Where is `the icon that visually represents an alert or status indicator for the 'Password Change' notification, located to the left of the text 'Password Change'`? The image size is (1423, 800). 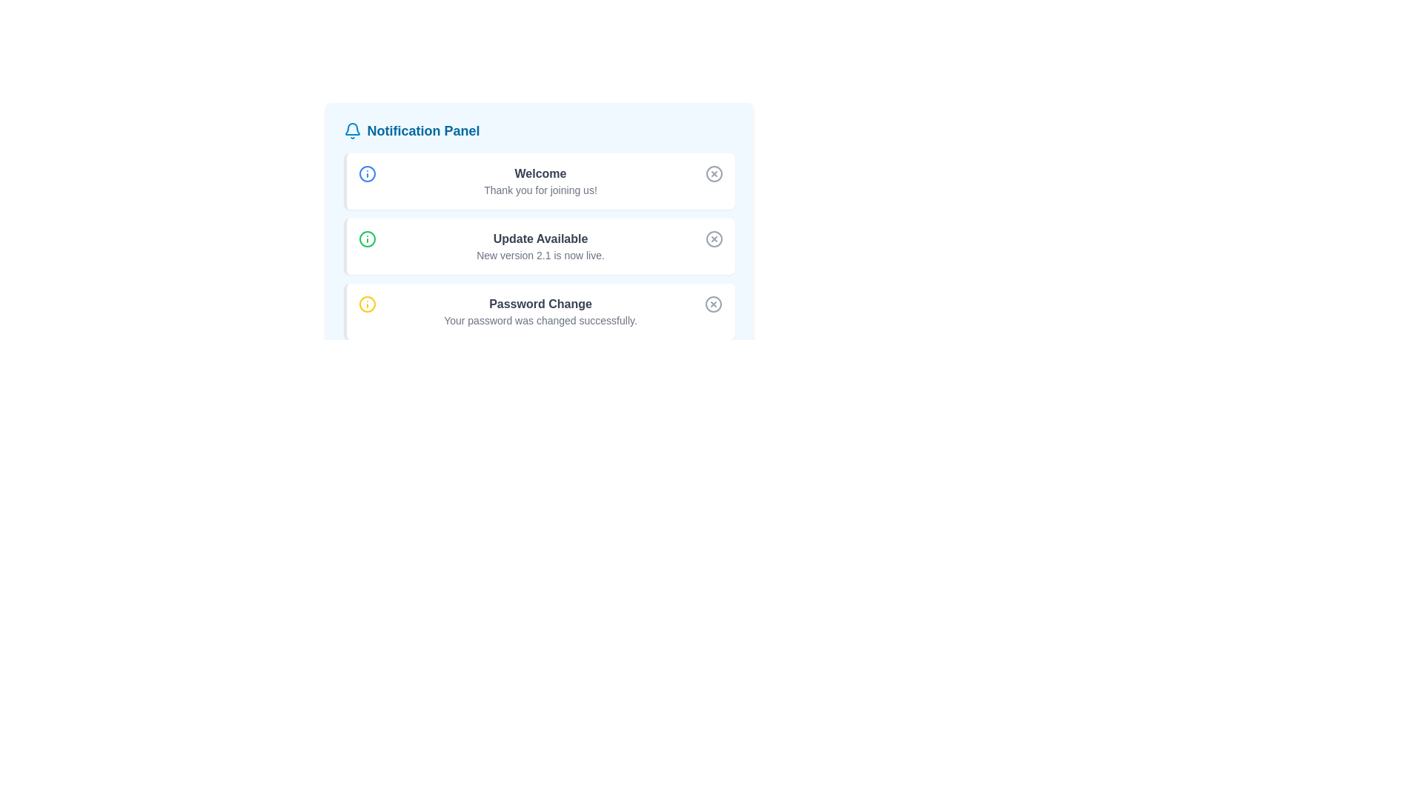
the icon that visually represents an alert or status indicator for the 'Password Change' notification, located to the left of the text 'Password Change' is located at coordinates (367, 304).